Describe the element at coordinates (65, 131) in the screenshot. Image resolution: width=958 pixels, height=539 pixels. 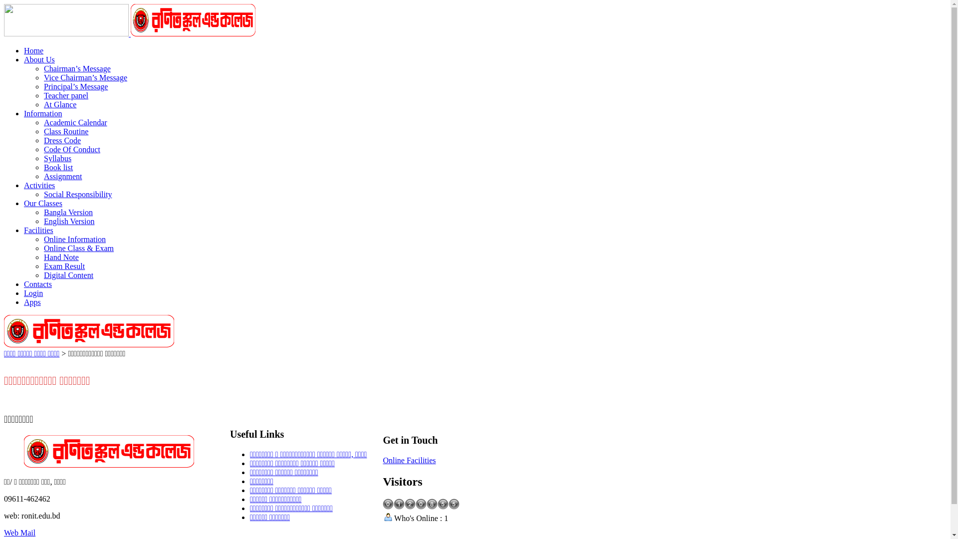
I see `'Class Routine'` at that location.